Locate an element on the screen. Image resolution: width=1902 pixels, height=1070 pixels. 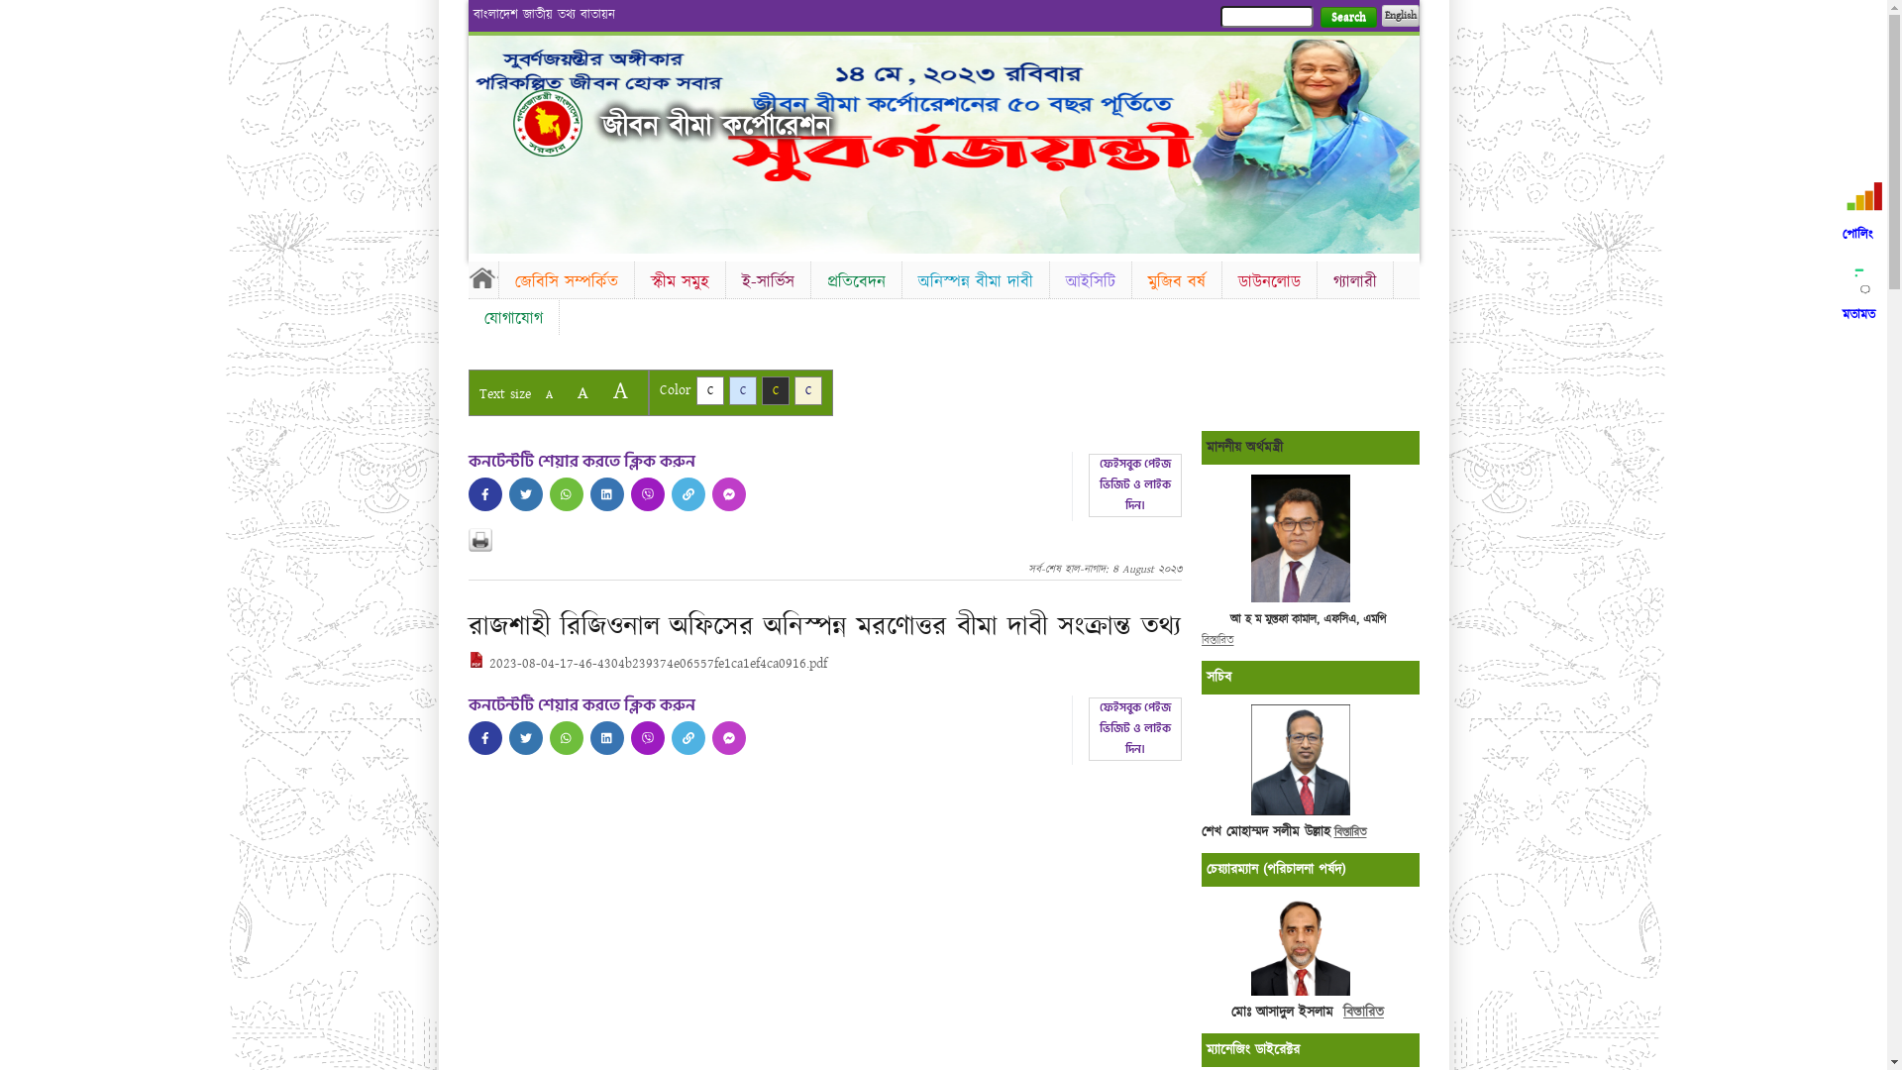
'A' is located at coordinates (618, 390).